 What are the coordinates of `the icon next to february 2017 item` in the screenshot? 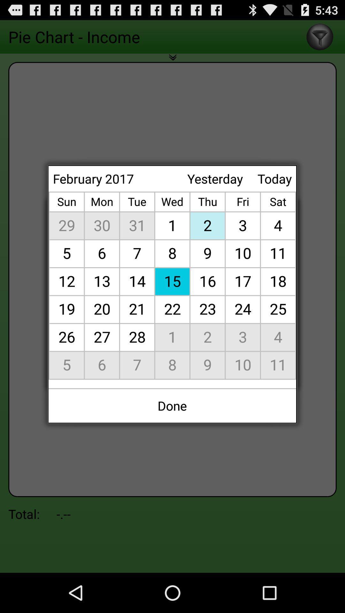 It's located at (215, 178).